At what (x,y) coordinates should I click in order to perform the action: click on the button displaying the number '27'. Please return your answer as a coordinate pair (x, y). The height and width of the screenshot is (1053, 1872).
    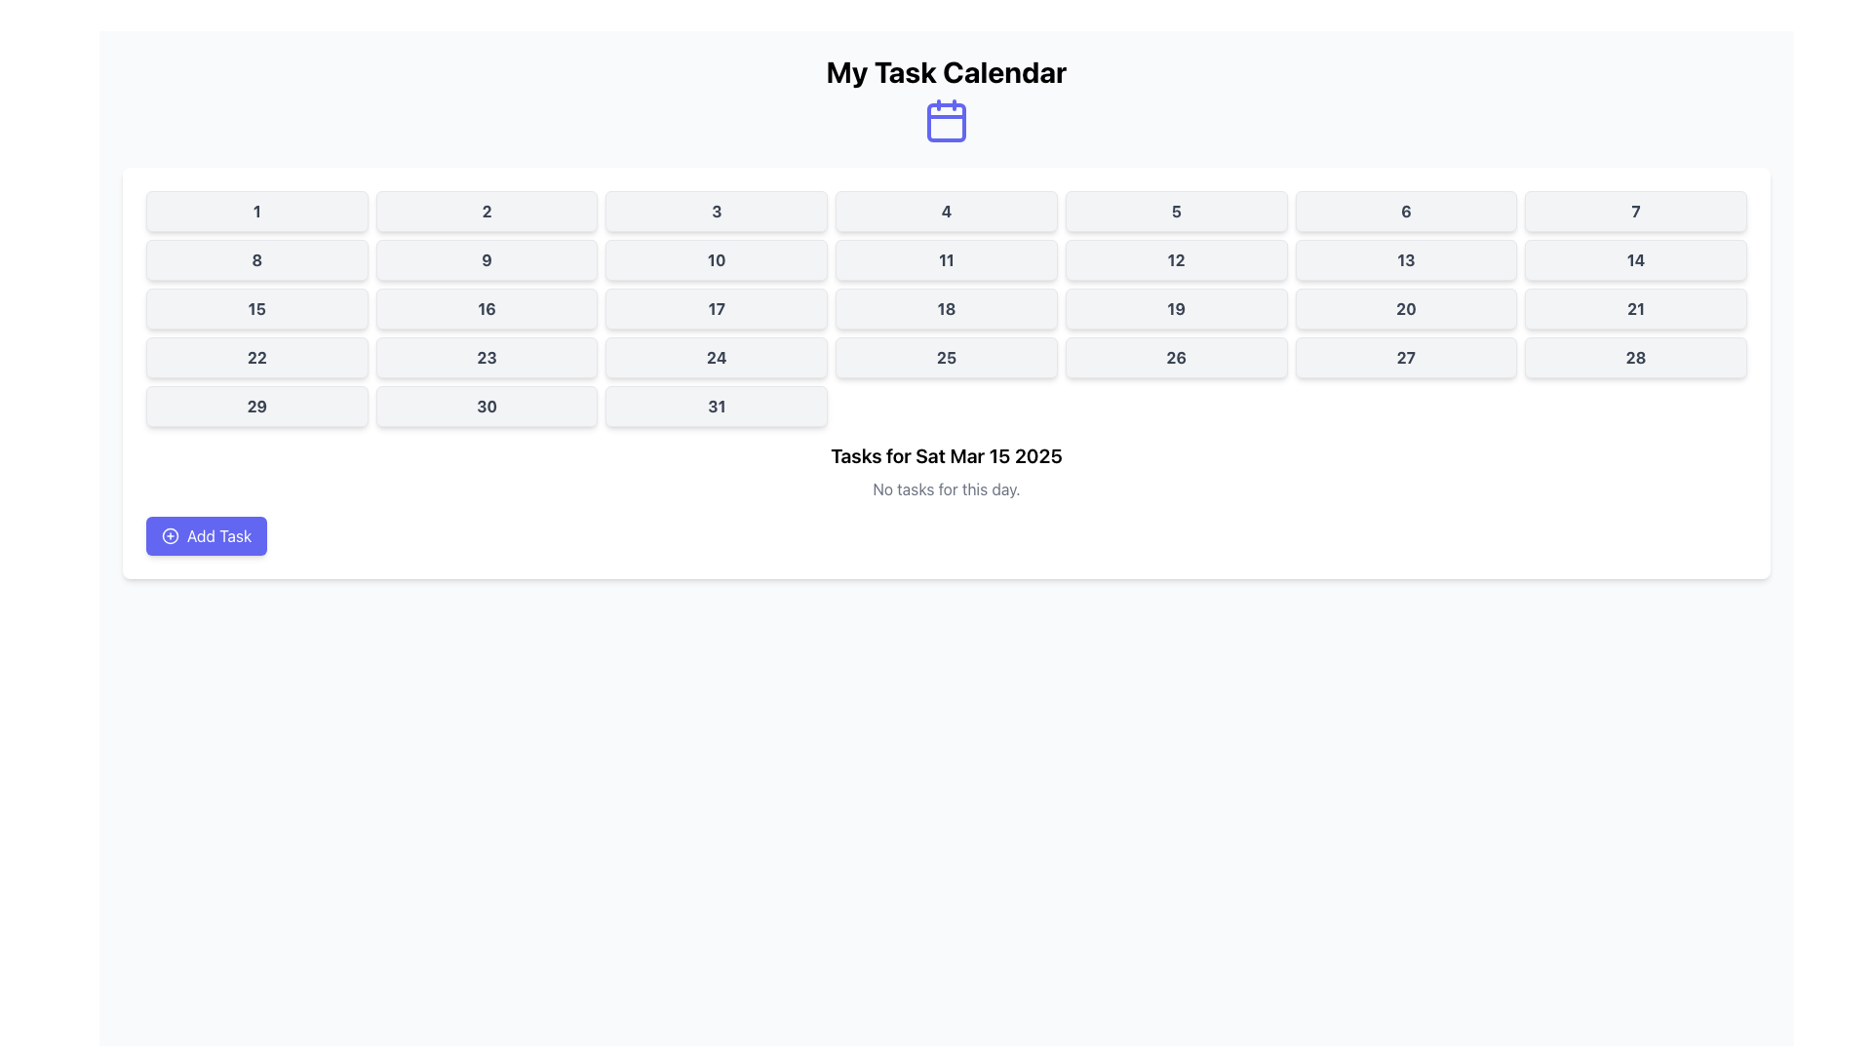
    Looking at the image, I should click on (1406, 357).